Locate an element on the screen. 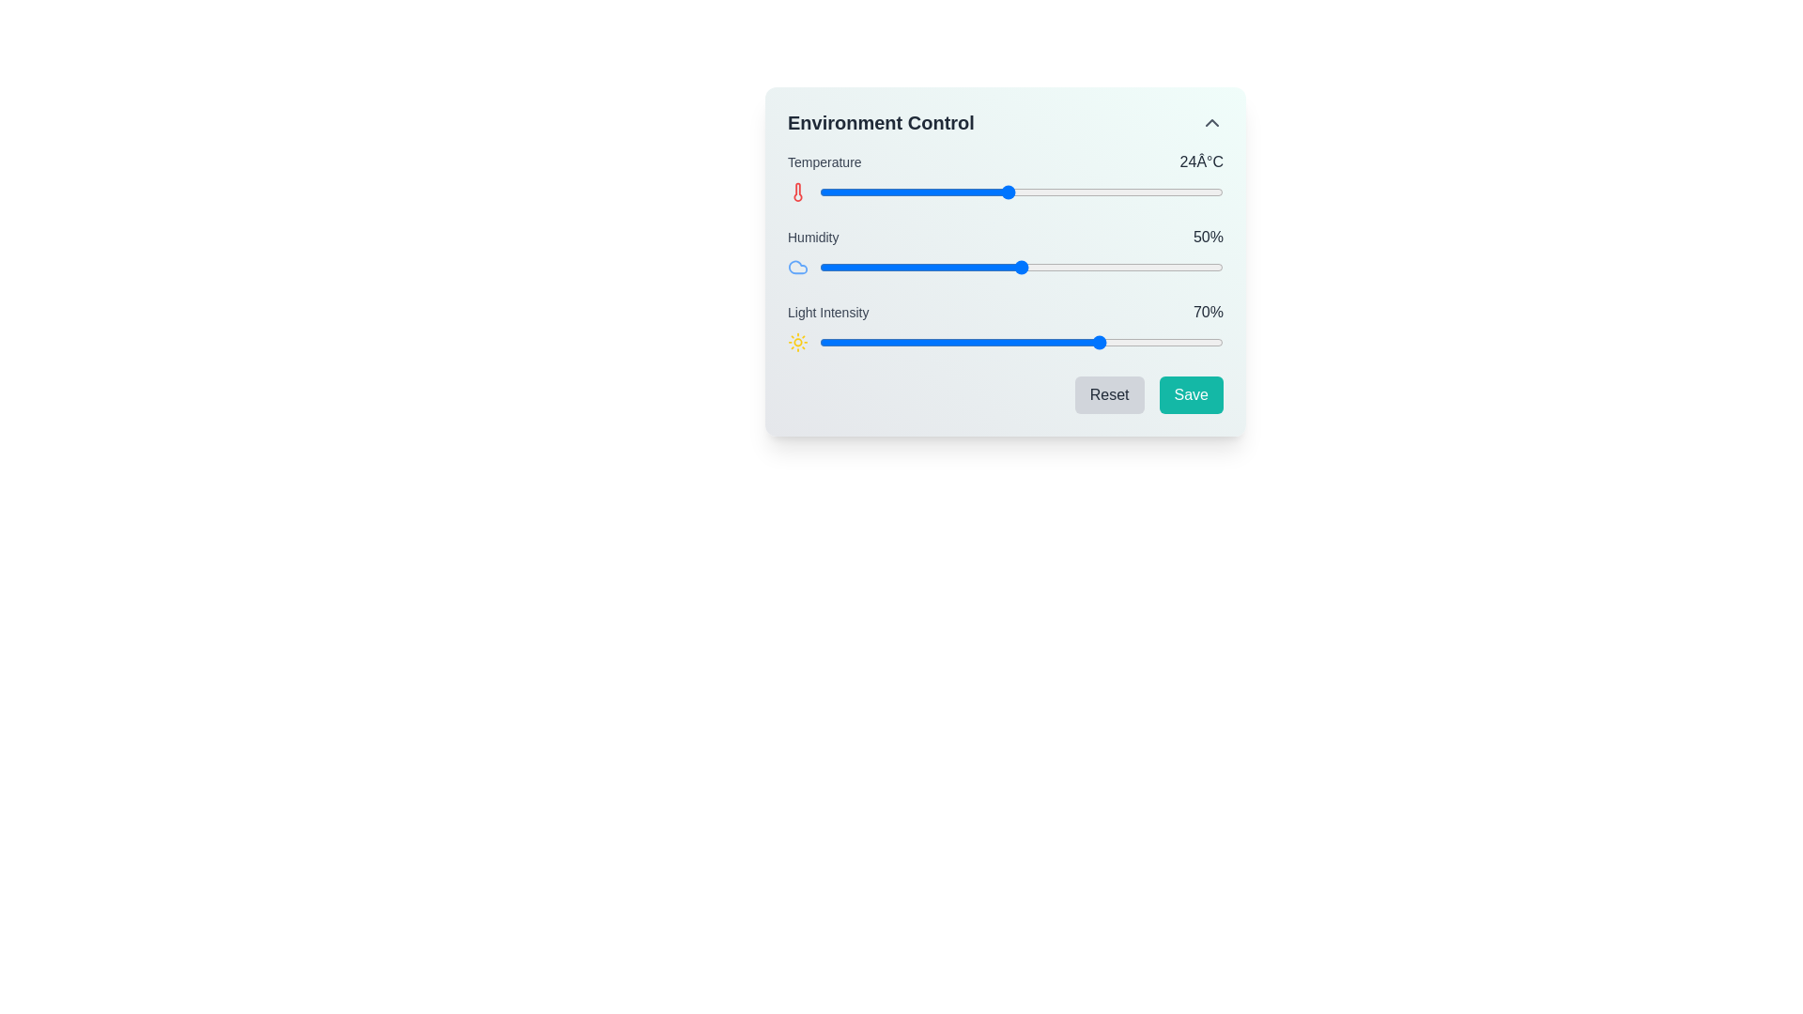 The image size is (1803, 1014). the static text label displaying '24Â°C', which is styled in gray and located near the temperature control slider is located at coordinates (1200, 161).